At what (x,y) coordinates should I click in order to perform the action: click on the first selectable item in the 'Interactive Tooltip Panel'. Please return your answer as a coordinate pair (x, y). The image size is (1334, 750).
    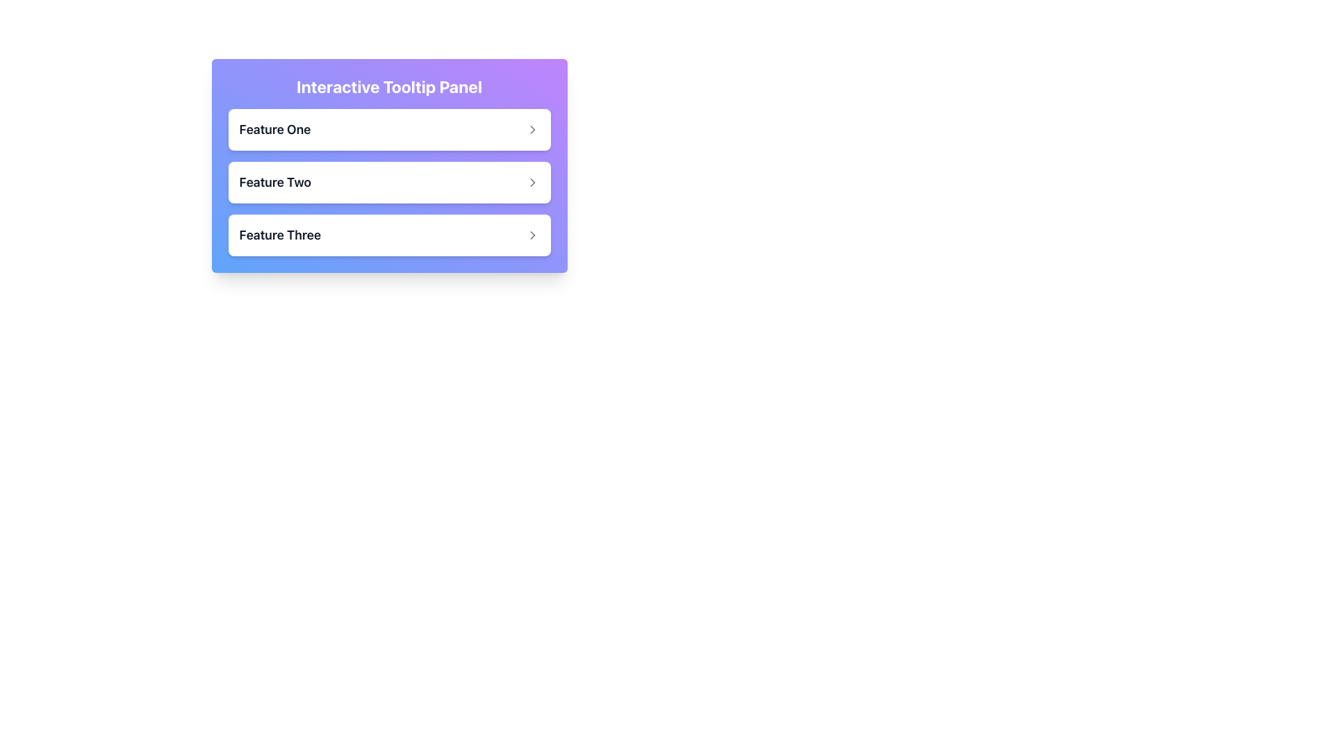
    Looking at the image, I should click on (389, 129).